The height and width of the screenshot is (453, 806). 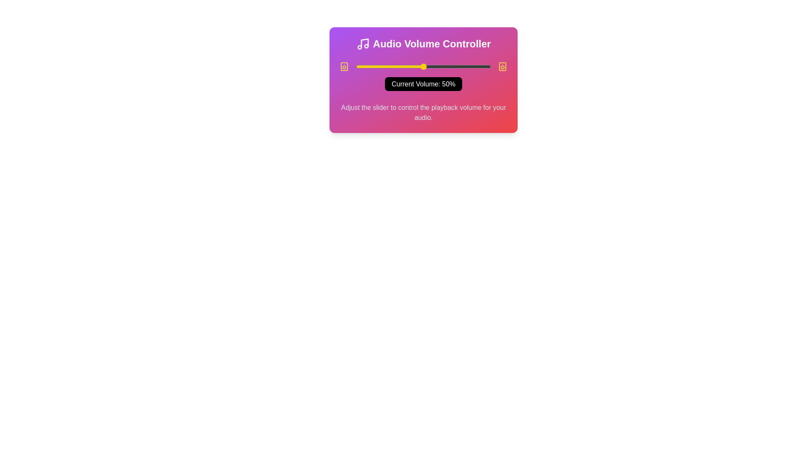 What do you see at coordinates (475, 66) in the screenshot?
I see `the slider to set the volume to 88%` at bounding box center [475, 66].